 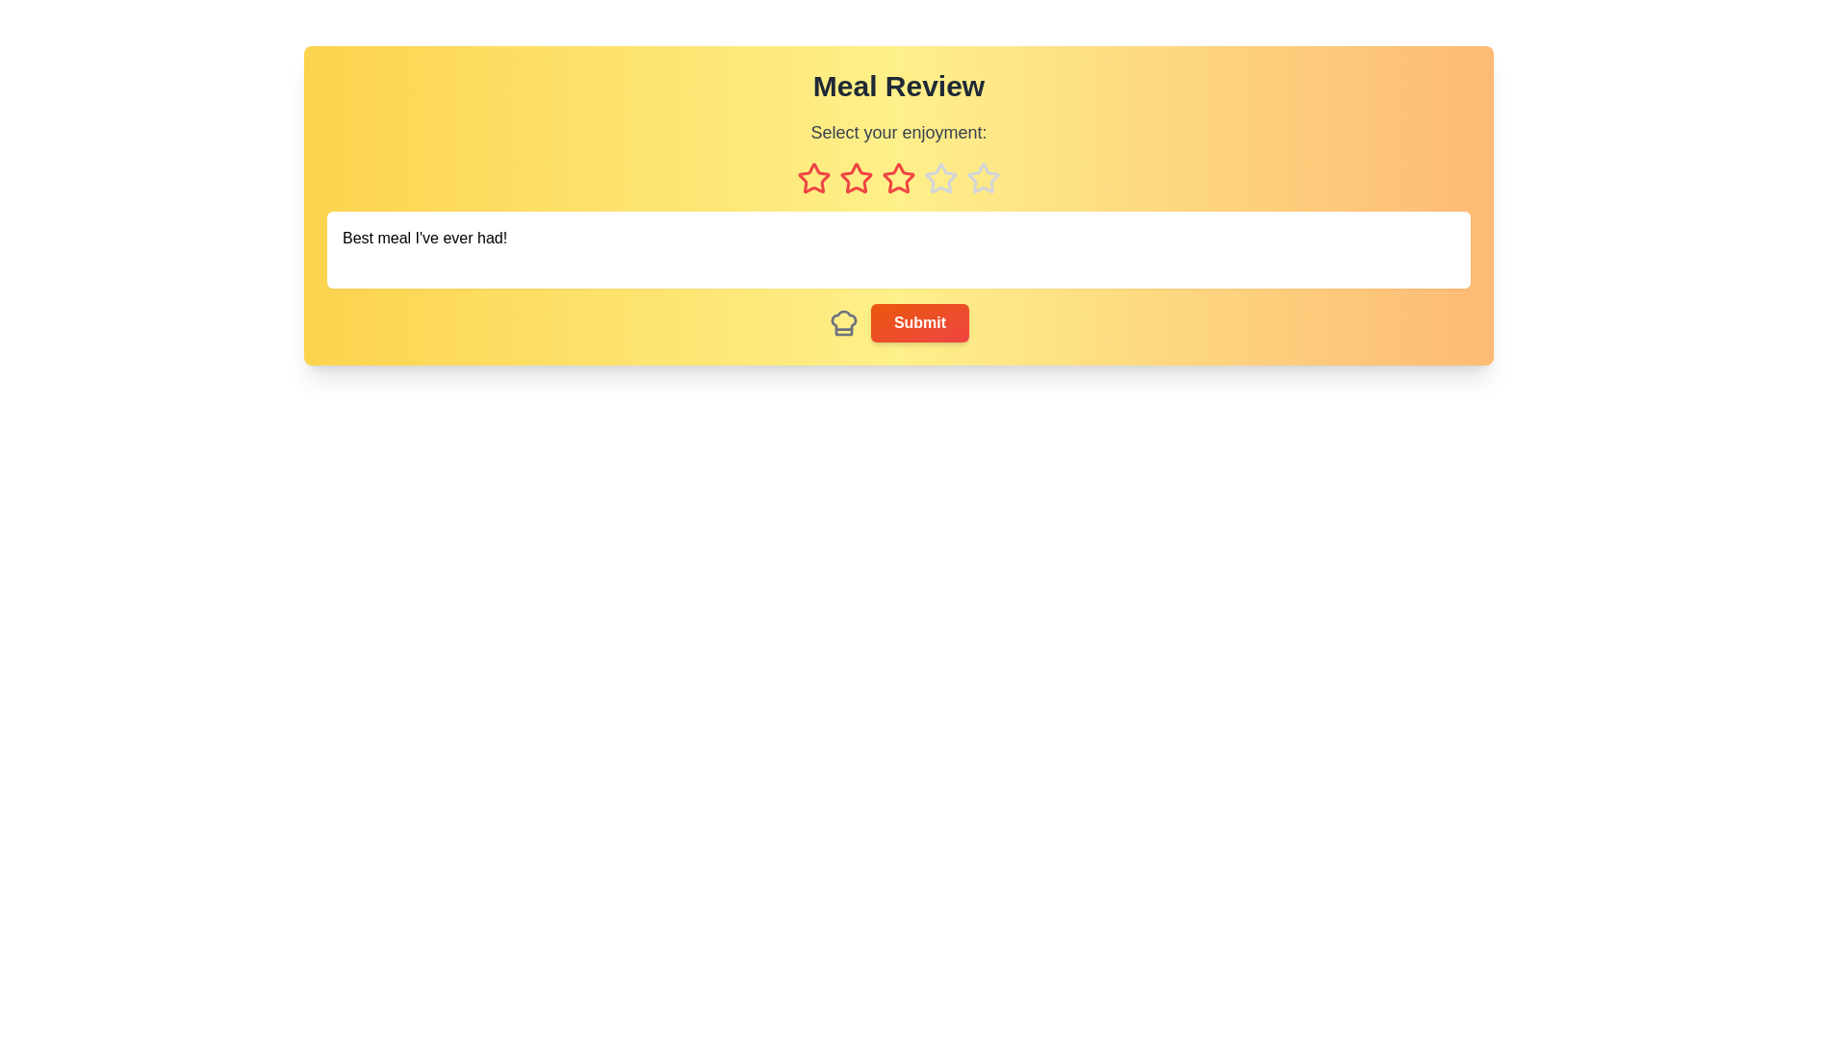 I want to click on the central portion of the chef's hat icon, which serves as a decorative element indicating culinary themes, so click(x=843, y=321).